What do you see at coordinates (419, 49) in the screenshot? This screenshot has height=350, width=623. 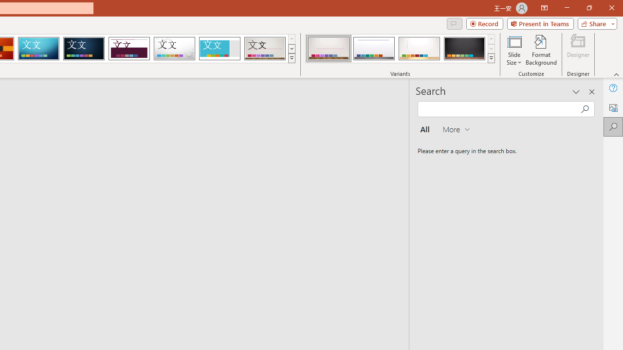 I see `'Gallery Variant 3'` at bounding box center [419, 49].